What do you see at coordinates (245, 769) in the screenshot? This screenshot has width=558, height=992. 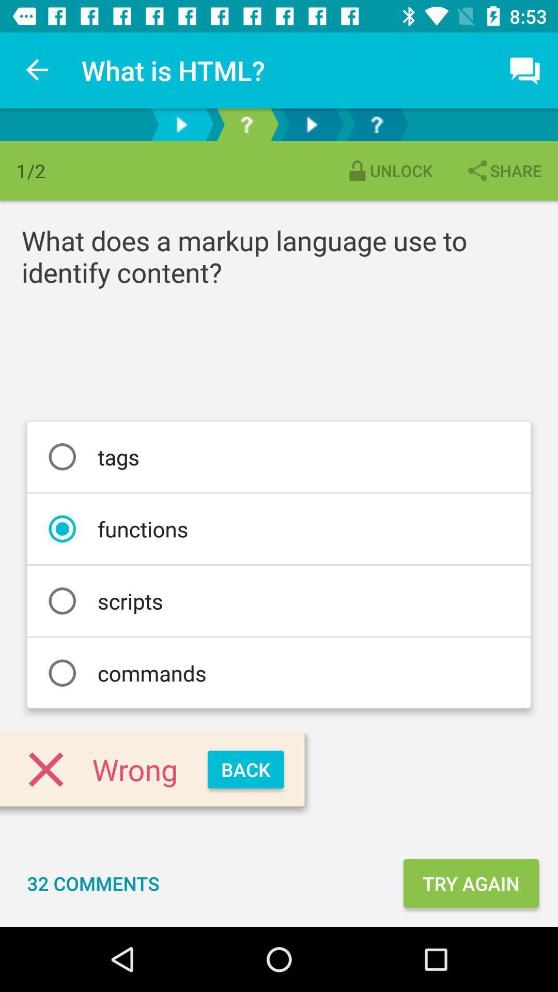 I see `the item next to the wrong icon` at bounding box center [245, 769].